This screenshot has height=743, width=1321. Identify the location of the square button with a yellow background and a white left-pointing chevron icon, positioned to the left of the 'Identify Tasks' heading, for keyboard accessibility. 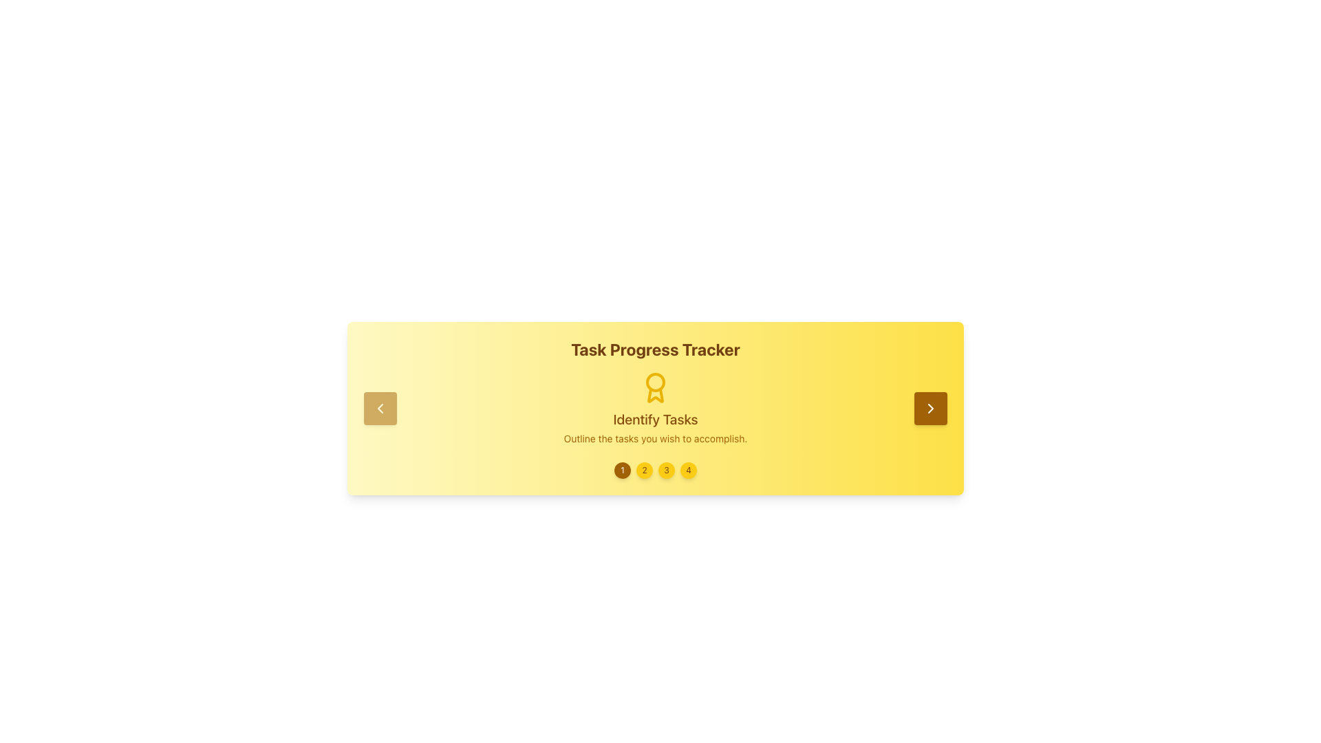
(380, 408).